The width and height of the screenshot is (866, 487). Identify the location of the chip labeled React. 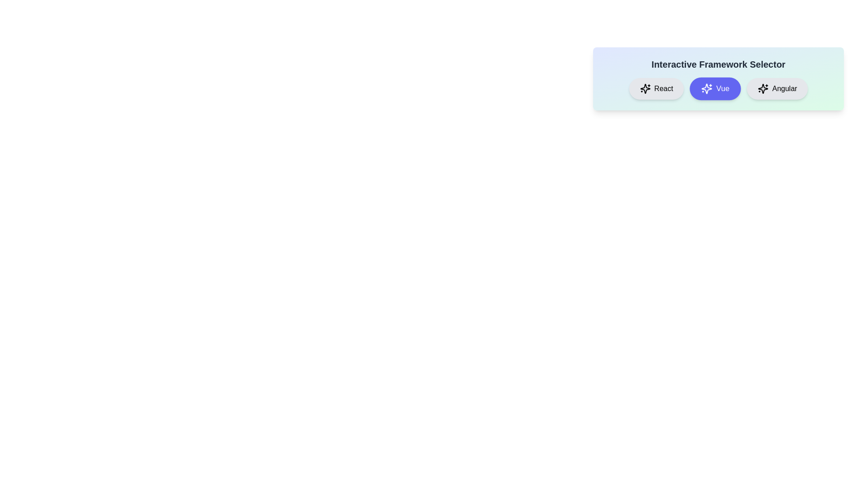
(656, 88).